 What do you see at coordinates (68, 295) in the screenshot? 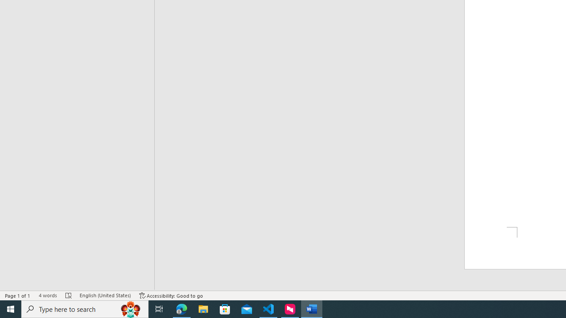
I see `'Spelling and Grammar Check Errors'` at bounding box center [68, 295].